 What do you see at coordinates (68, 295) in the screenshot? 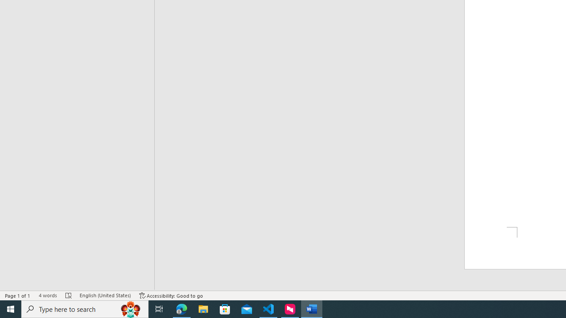
I see `'Spelling and Grammar Check Errors'` at bounding box center [68, 295].